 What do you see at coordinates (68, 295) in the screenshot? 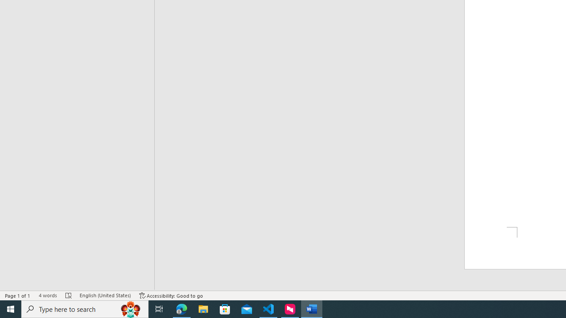
I see `'Spelling and Grammar Check Errors'` at bounding box center [68, 295].